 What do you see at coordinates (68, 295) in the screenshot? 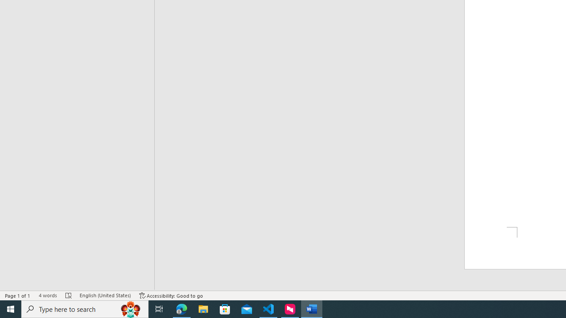
I see `'Spelling and Grammar Check Errors'` at bounding box center [68, 295].